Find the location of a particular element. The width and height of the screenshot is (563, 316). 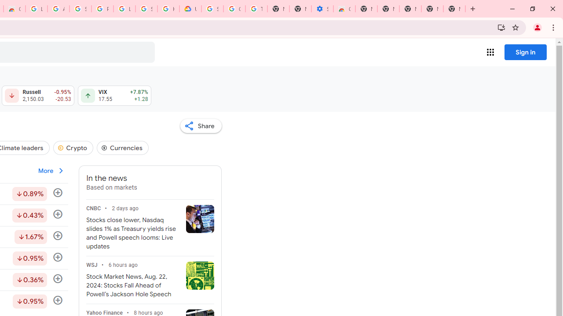

'Google Account Help' is located at coordinates (234, 9).